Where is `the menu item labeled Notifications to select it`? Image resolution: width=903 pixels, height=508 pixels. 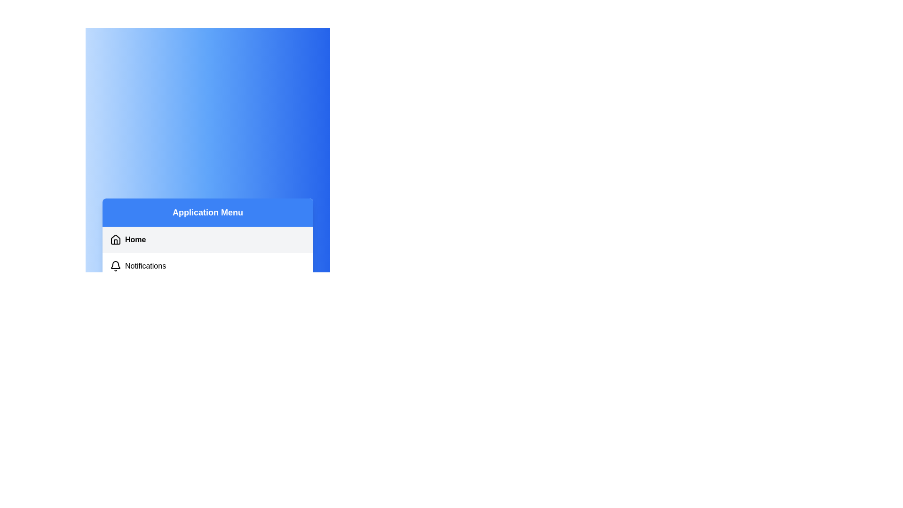
the menu item labeled Notifications to select it is located at coordinates (207, 266).